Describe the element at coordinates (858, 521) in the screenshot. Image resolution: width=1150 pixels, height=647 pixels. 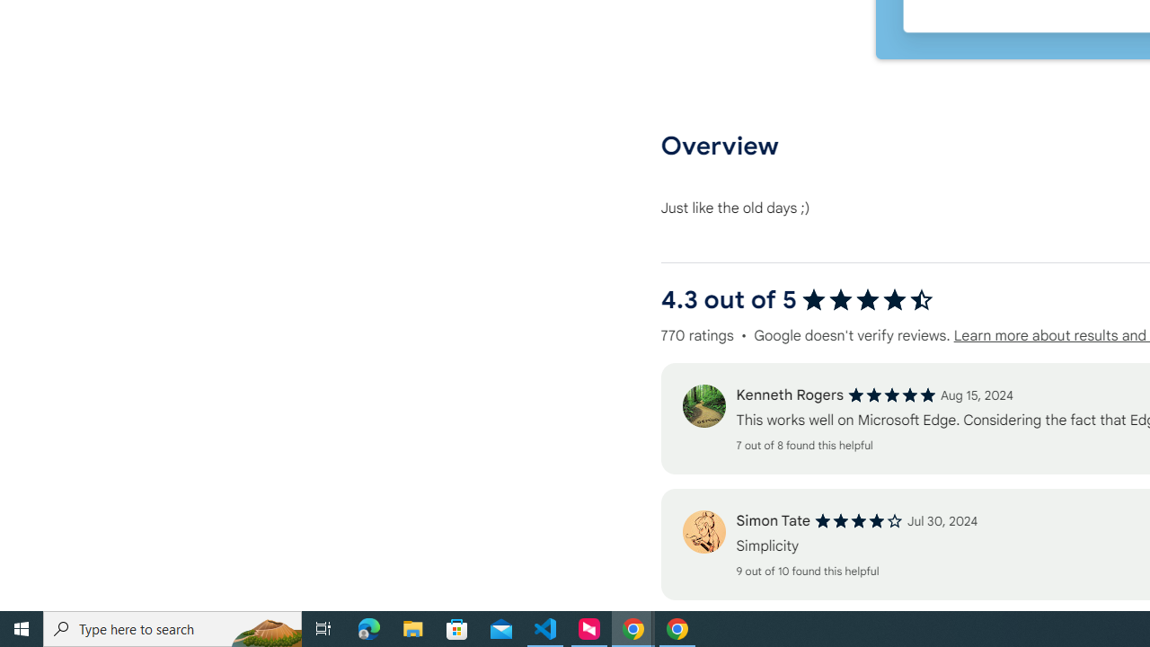
I see `'4 out of 5 stars'` at that location.